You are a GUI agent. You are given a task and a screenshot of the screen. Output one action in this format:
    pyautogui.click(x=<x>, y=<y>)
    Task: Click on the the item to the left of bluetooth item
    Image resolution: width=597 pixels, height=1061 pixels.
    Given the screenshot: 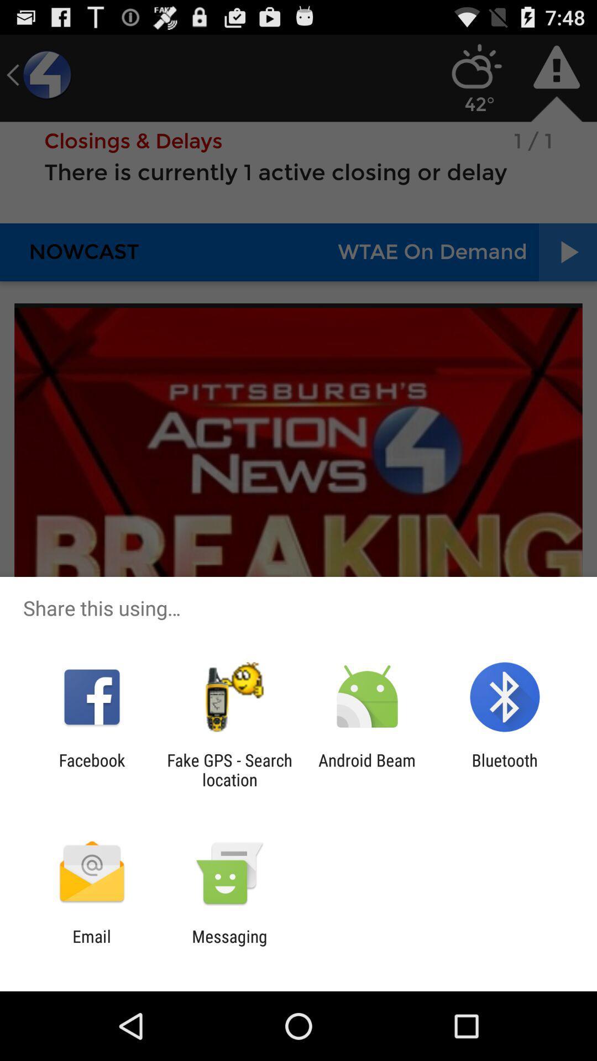 What is the action you would take?
    pyautogui.click(x=367, y=769)
    